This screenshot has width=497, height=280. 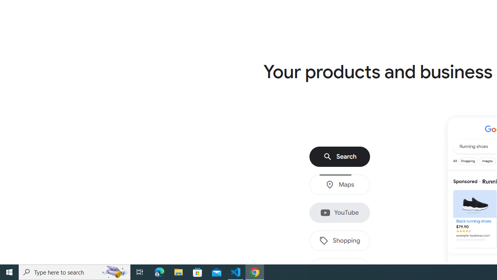 What do you see at coordinates (75, 271) in the screenshot?
I see `'Type here to search'` at bounding box center [75, 271].